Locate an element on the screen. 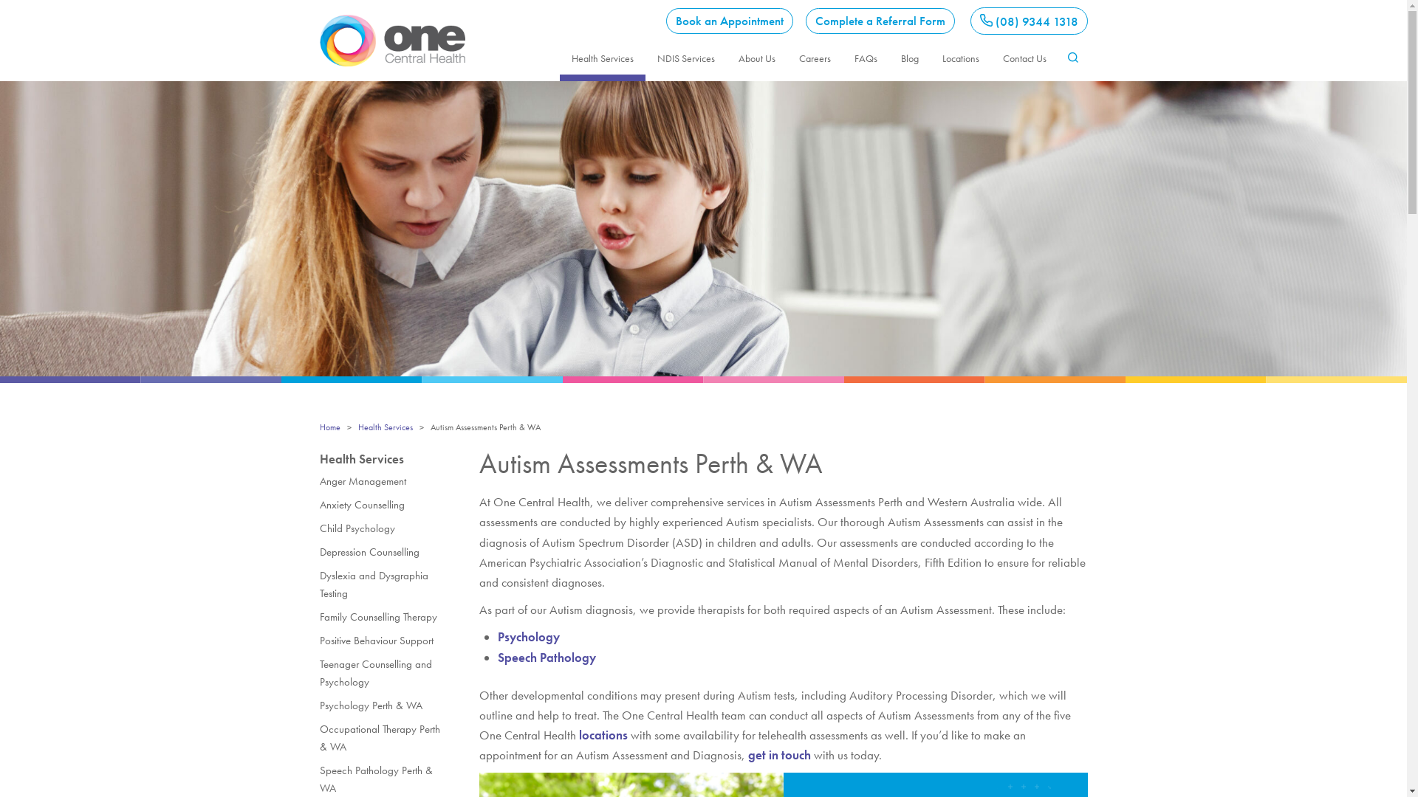 The width and height of the screenshot is (1418, 797). 'Book an Appointment' is located at coordinates (730, 21).